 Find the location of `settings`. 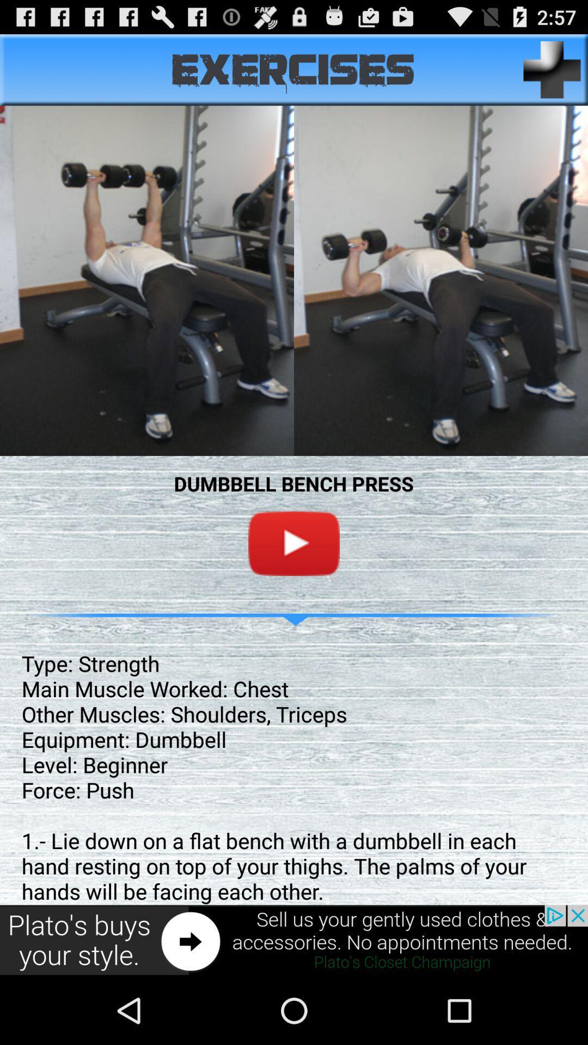

settings is located at coordinates (552, 69).